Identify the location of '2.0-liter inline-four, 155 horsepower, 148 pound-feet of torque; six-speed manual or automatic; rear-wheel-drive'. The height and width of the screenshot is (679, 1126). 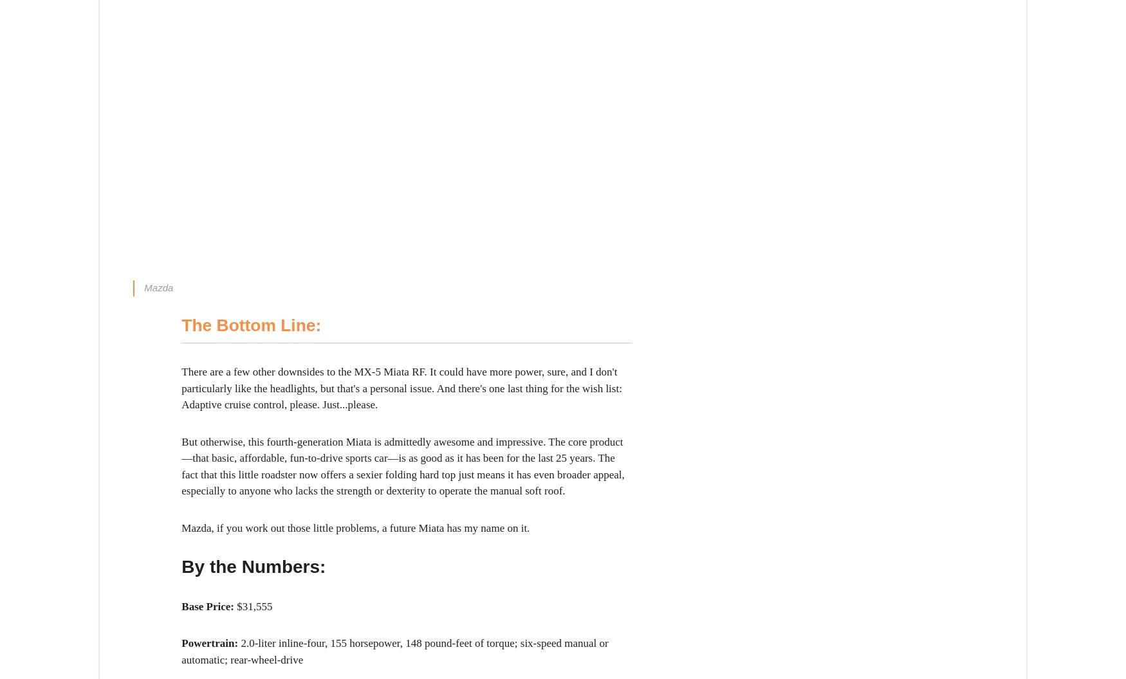
(394, 651).